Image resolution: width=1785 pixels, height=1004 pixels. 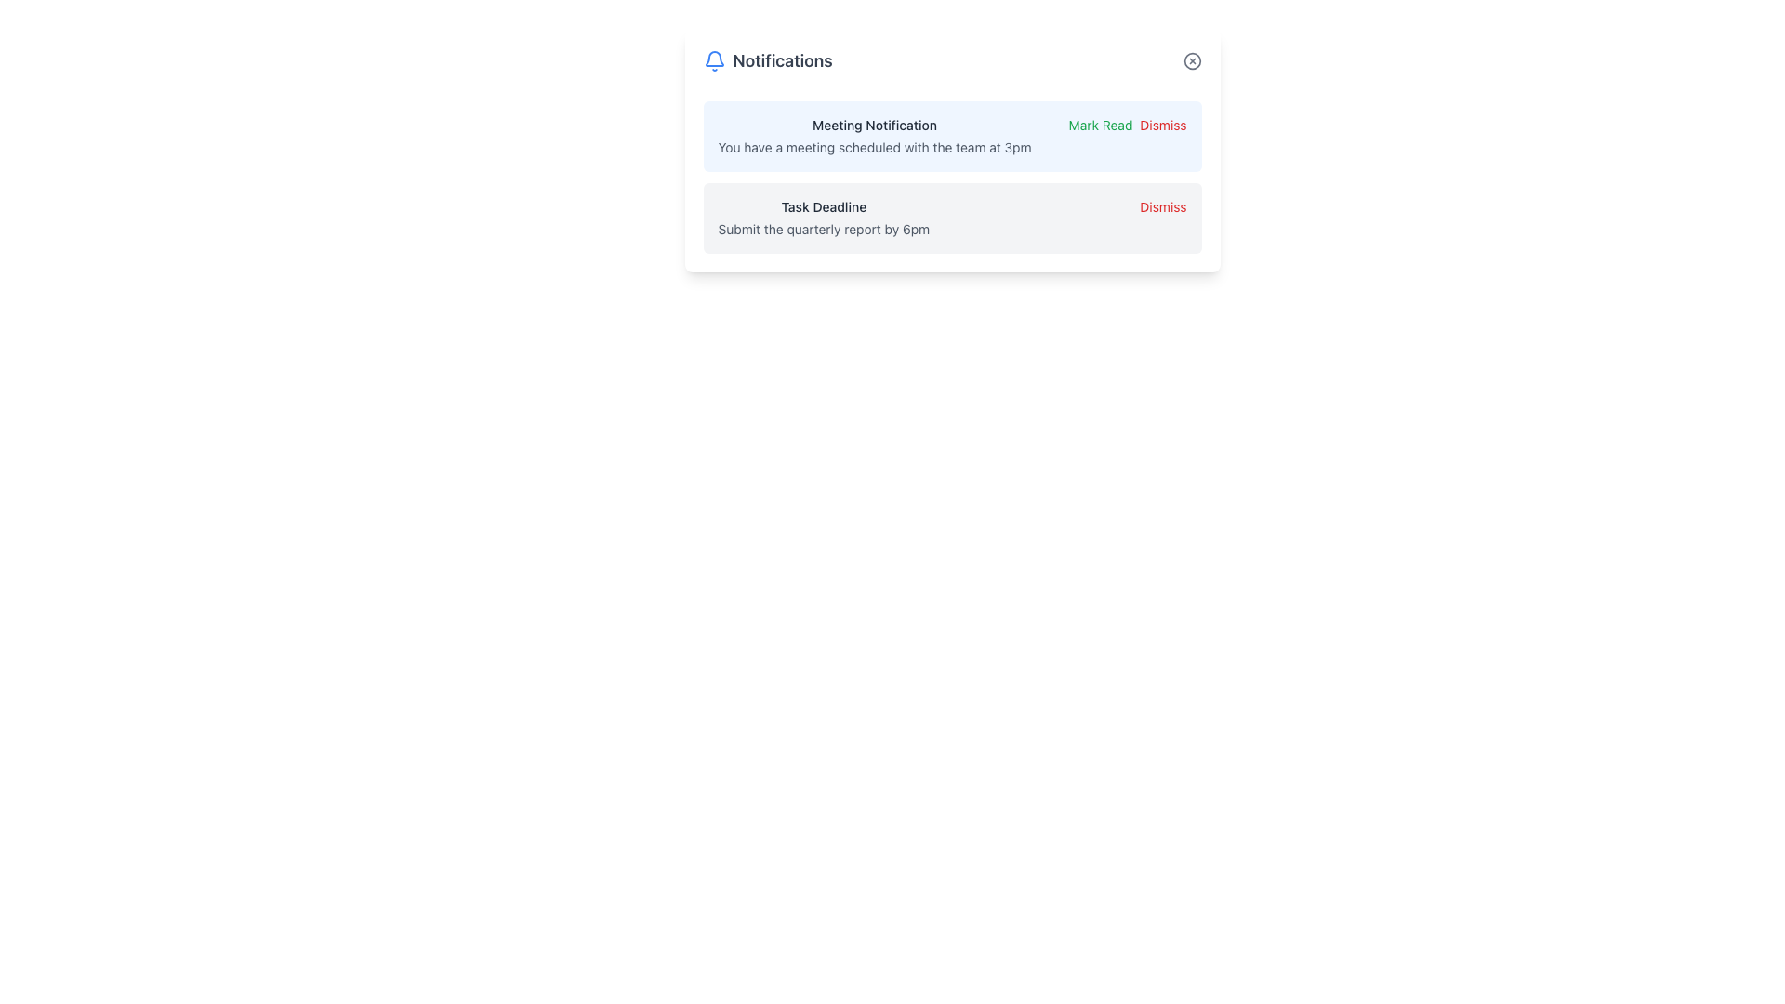 What do you see at coordinates (873, 146) in the screenshot?
I see `the text element providing additional details about the meeting notification, located directly below the 'Meeting Notification' text within the notification card` at bounding box center [873, 146].